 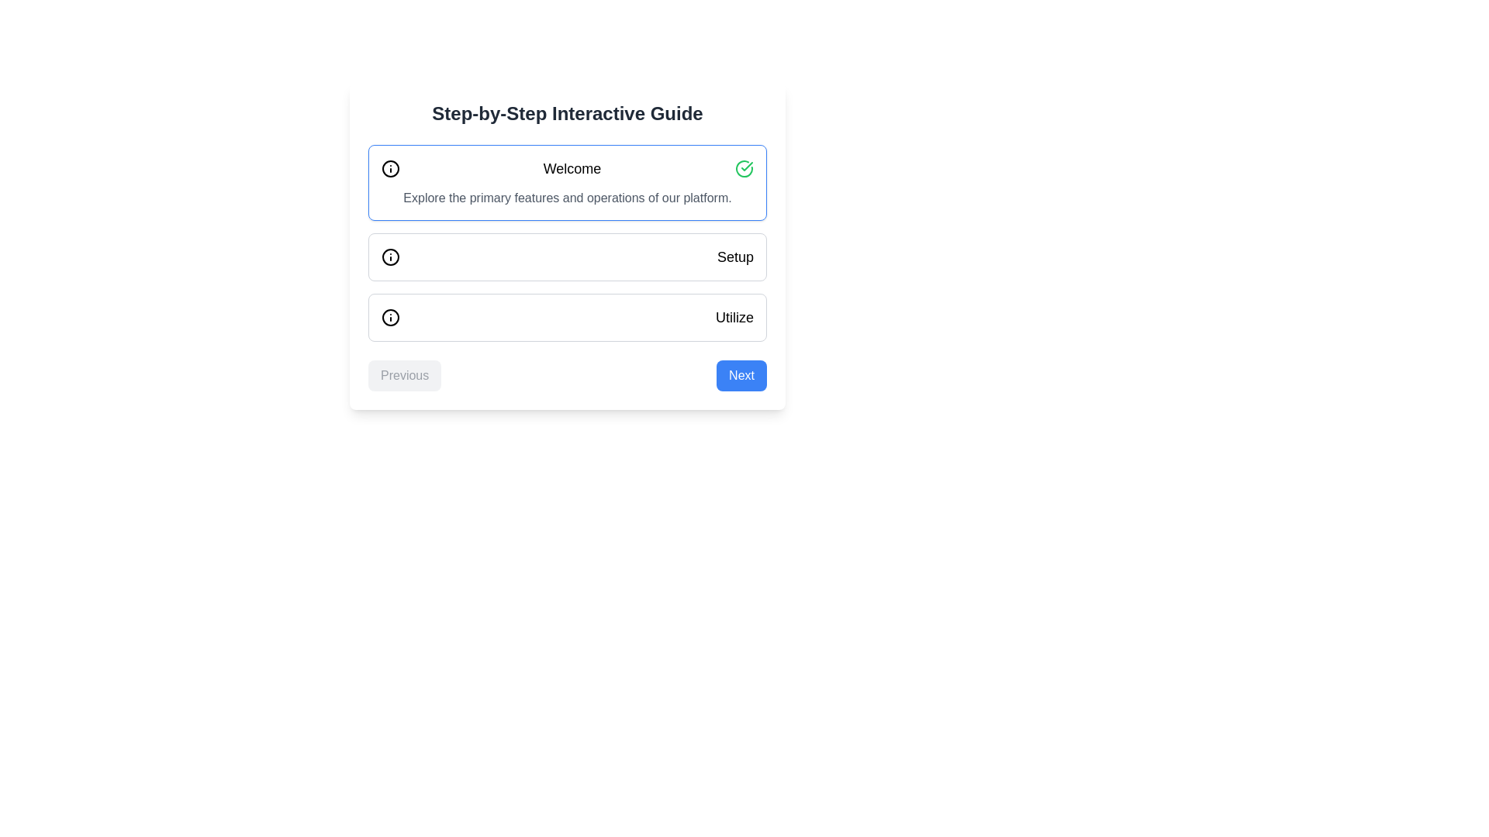 What do you see at coordinates (391, 169) in the screenshot?
I see `the information icon located at the far left side of the 'Welcome' section` at bounding box center [391, 169].